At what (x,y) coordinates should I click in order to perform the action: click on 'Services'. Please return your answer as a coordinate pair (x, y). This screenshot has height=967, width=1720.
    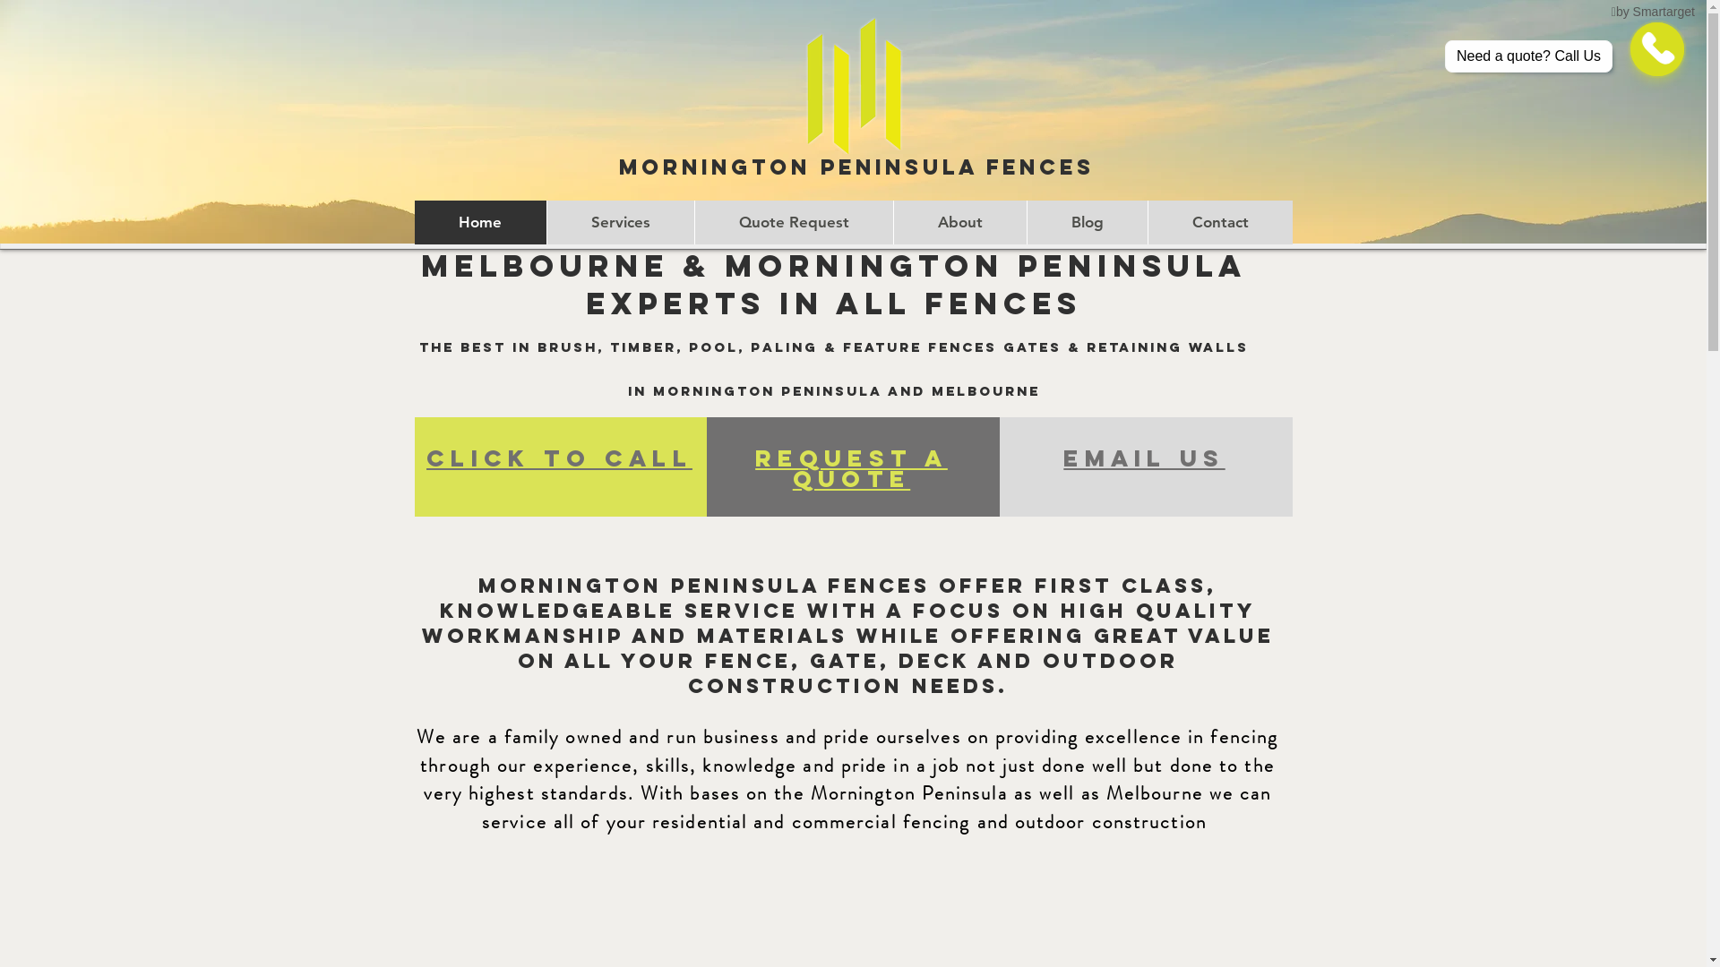
    Looking at the image, I should click on (620, 221).